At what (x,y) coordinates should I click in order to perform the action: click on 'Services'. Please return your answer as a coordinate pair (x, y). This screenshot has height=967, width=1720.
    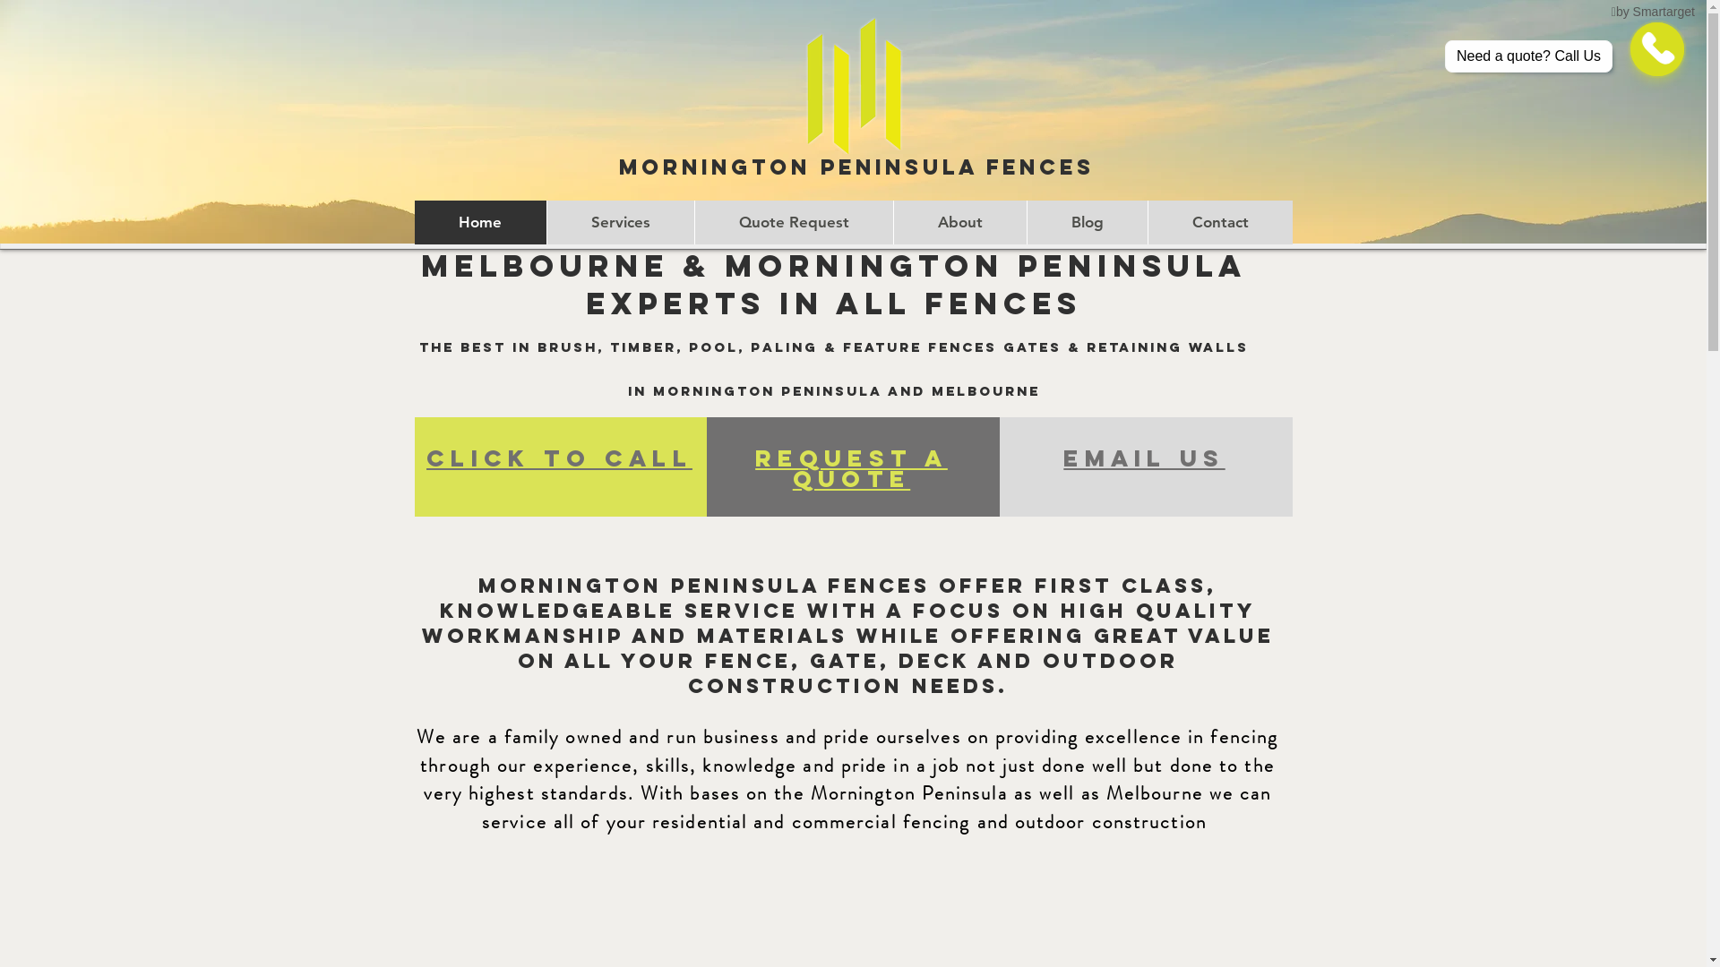
    Looking at the image, I should click on (620, 221).